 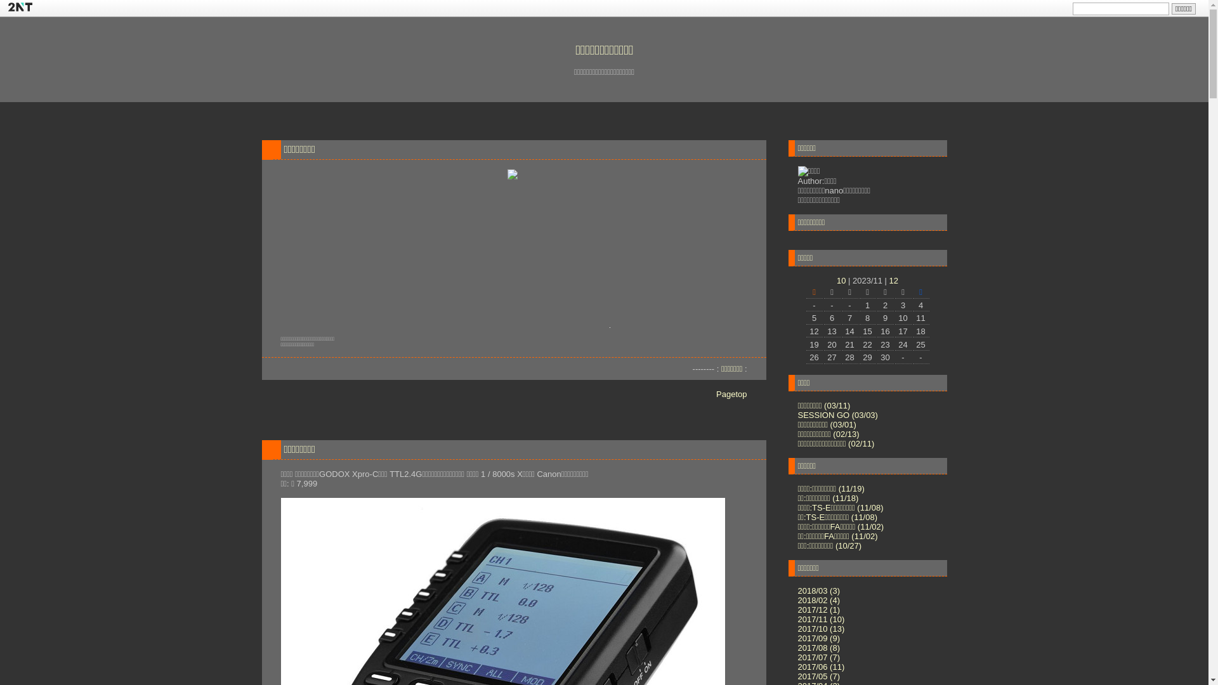 What do you see at coordinates (819, 590) in the screenshot?
I see `'2018/03 (3)'` at bounding box center [819, 590].